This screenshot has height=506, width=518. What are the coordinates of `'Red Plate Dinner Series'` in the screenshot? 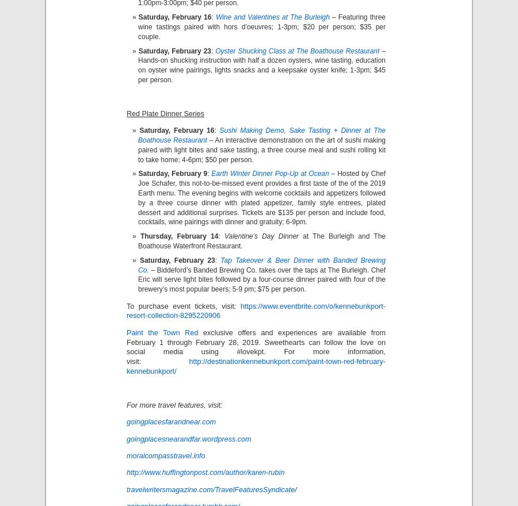 It's located at (165, 113).